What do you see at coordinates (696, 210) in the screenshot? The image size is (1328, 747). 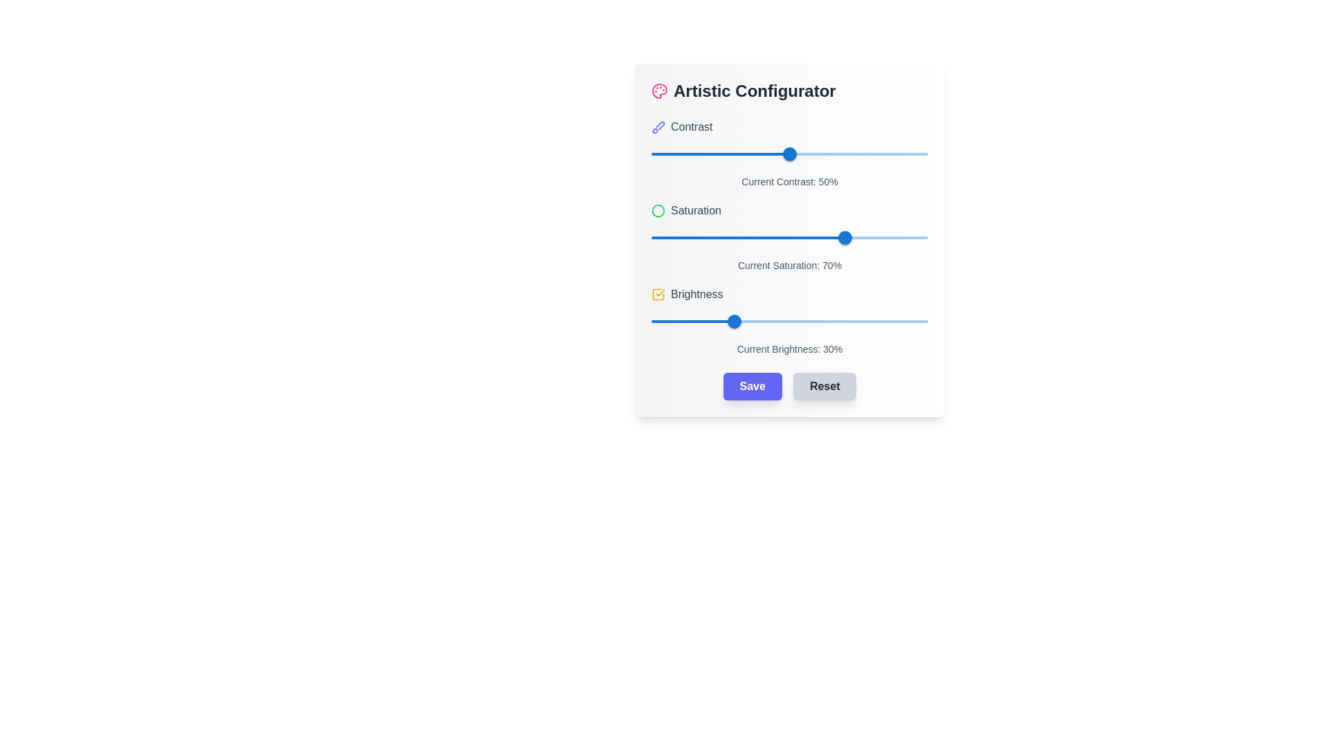 I see `the 'Saturation' label, which is gray, medium-weight, and positioned to the right of a circular green icon, to trigger potential tooltips` at bounding box center [696, 210].